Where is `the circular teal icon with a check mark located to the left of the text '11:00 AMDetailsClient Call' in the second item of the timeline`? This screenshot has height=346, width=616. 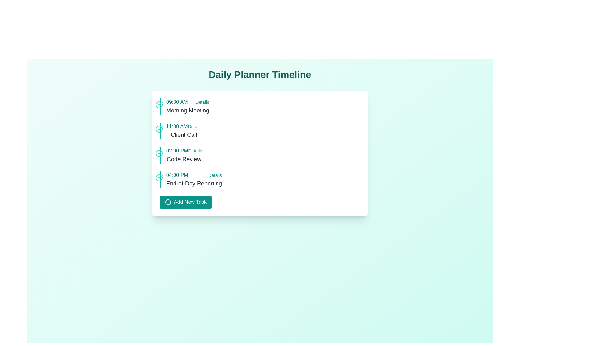
the circular teal icon with a check mark located to the left of the text '11:00 AMDetailsClient Call' in the second item of the timeline is located at coordinates (159, 129).